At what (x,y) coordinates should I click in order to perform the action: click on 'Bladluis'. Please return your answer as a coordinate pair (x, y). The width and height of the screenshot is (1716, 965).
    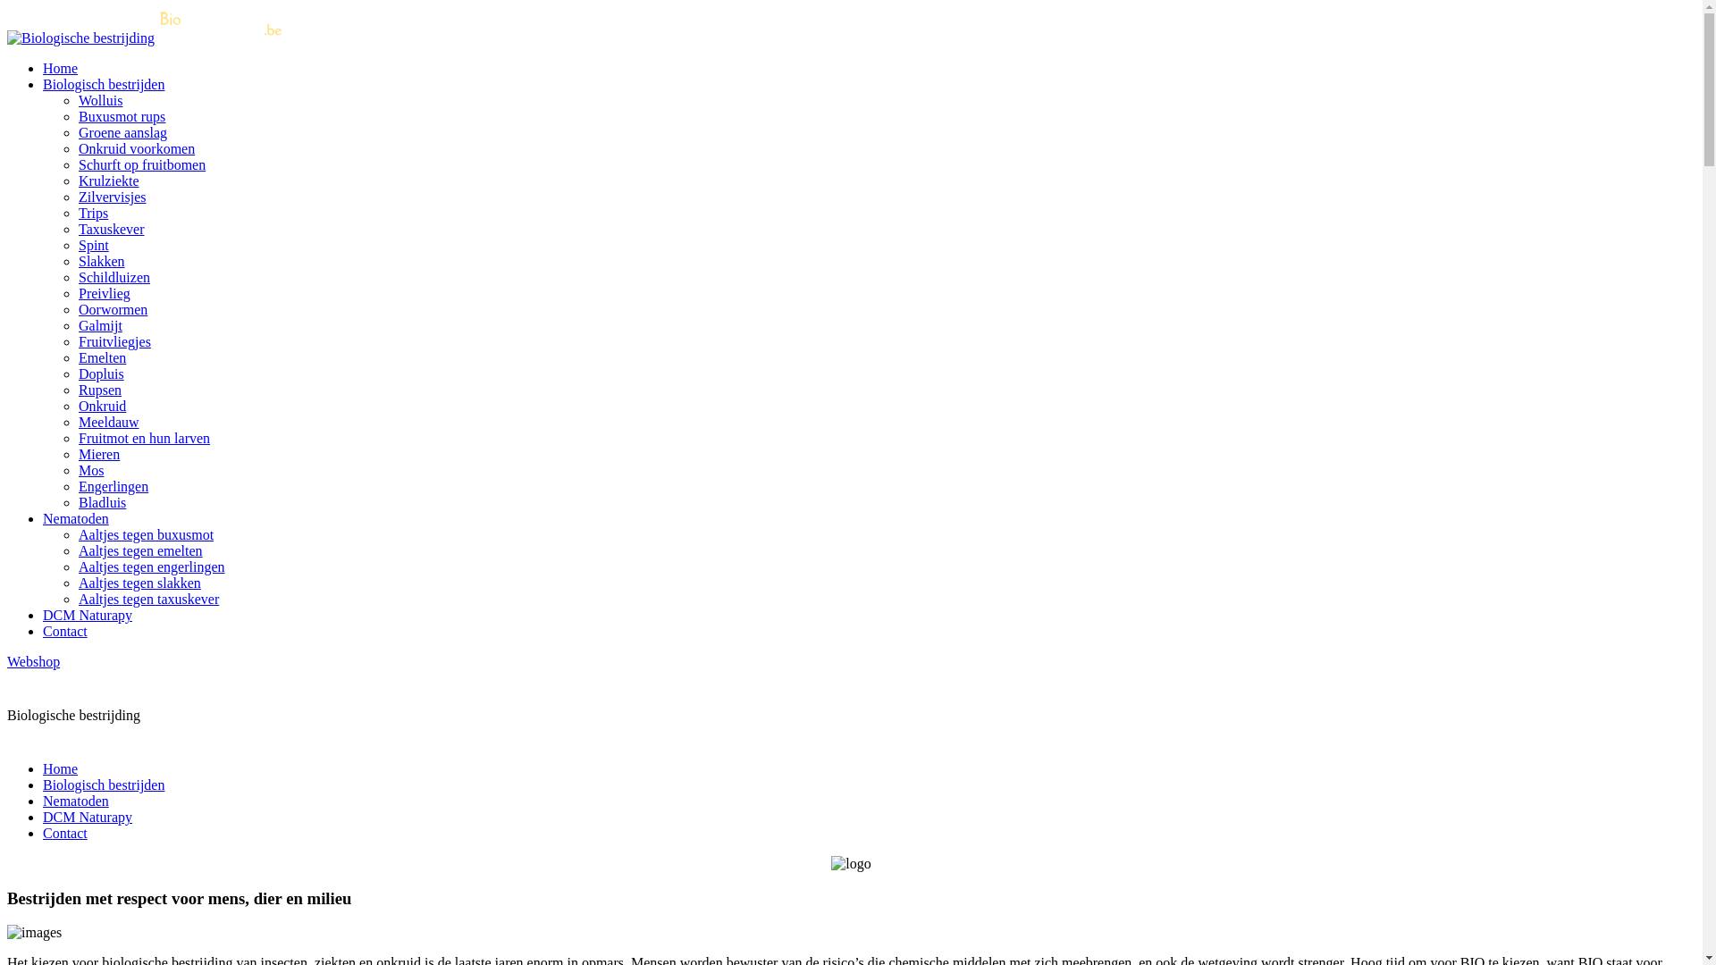
    Looking at the image, I should click on (101, 502).